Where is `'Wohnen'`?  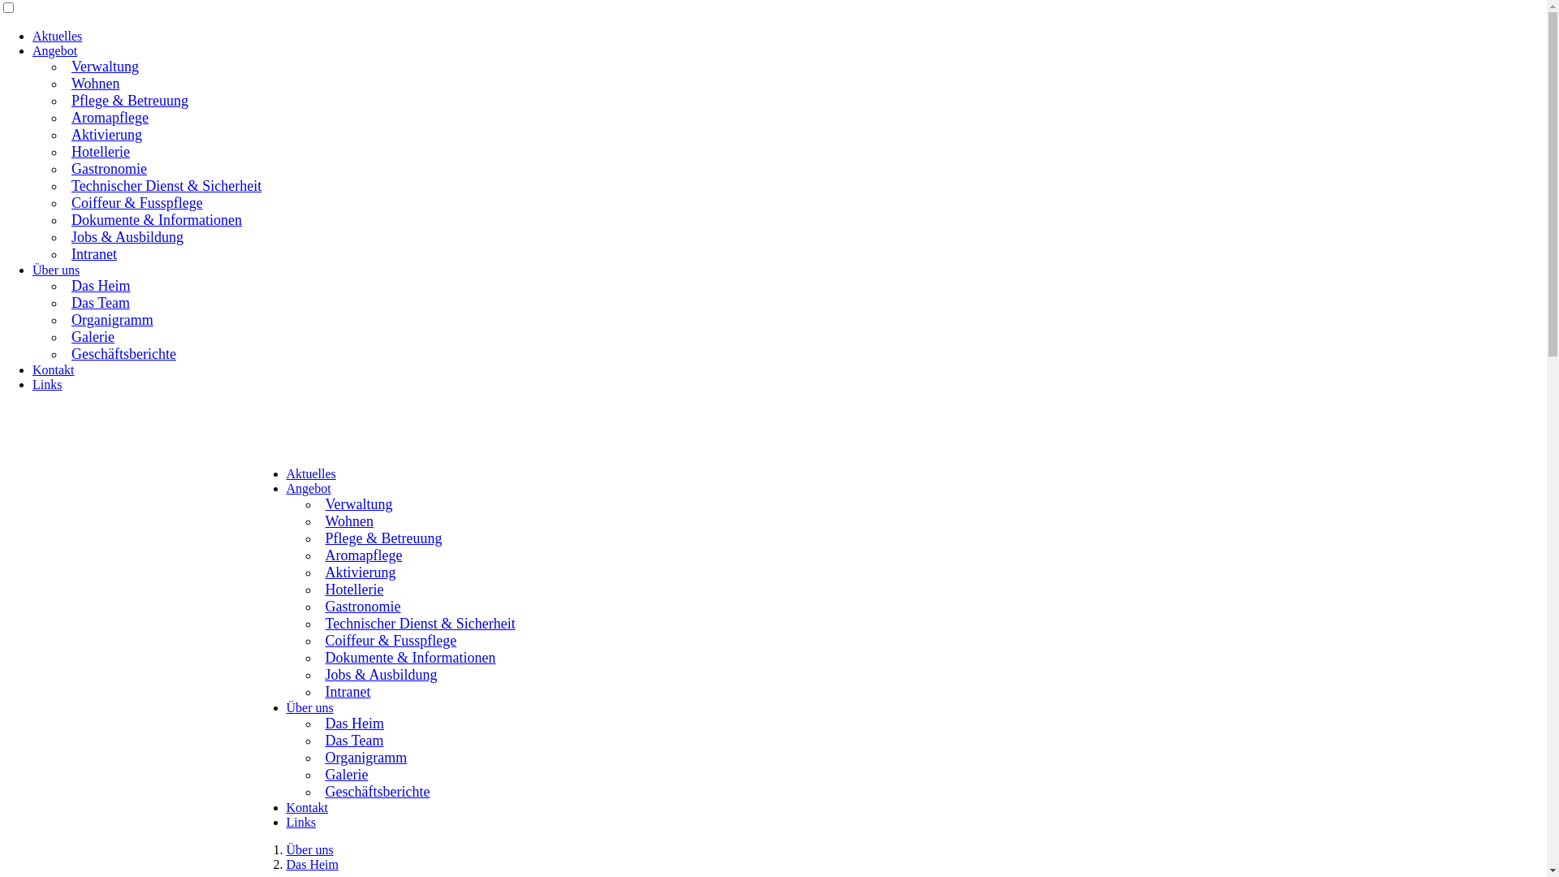 'Wohnen' is located at coordinates (346, 520).